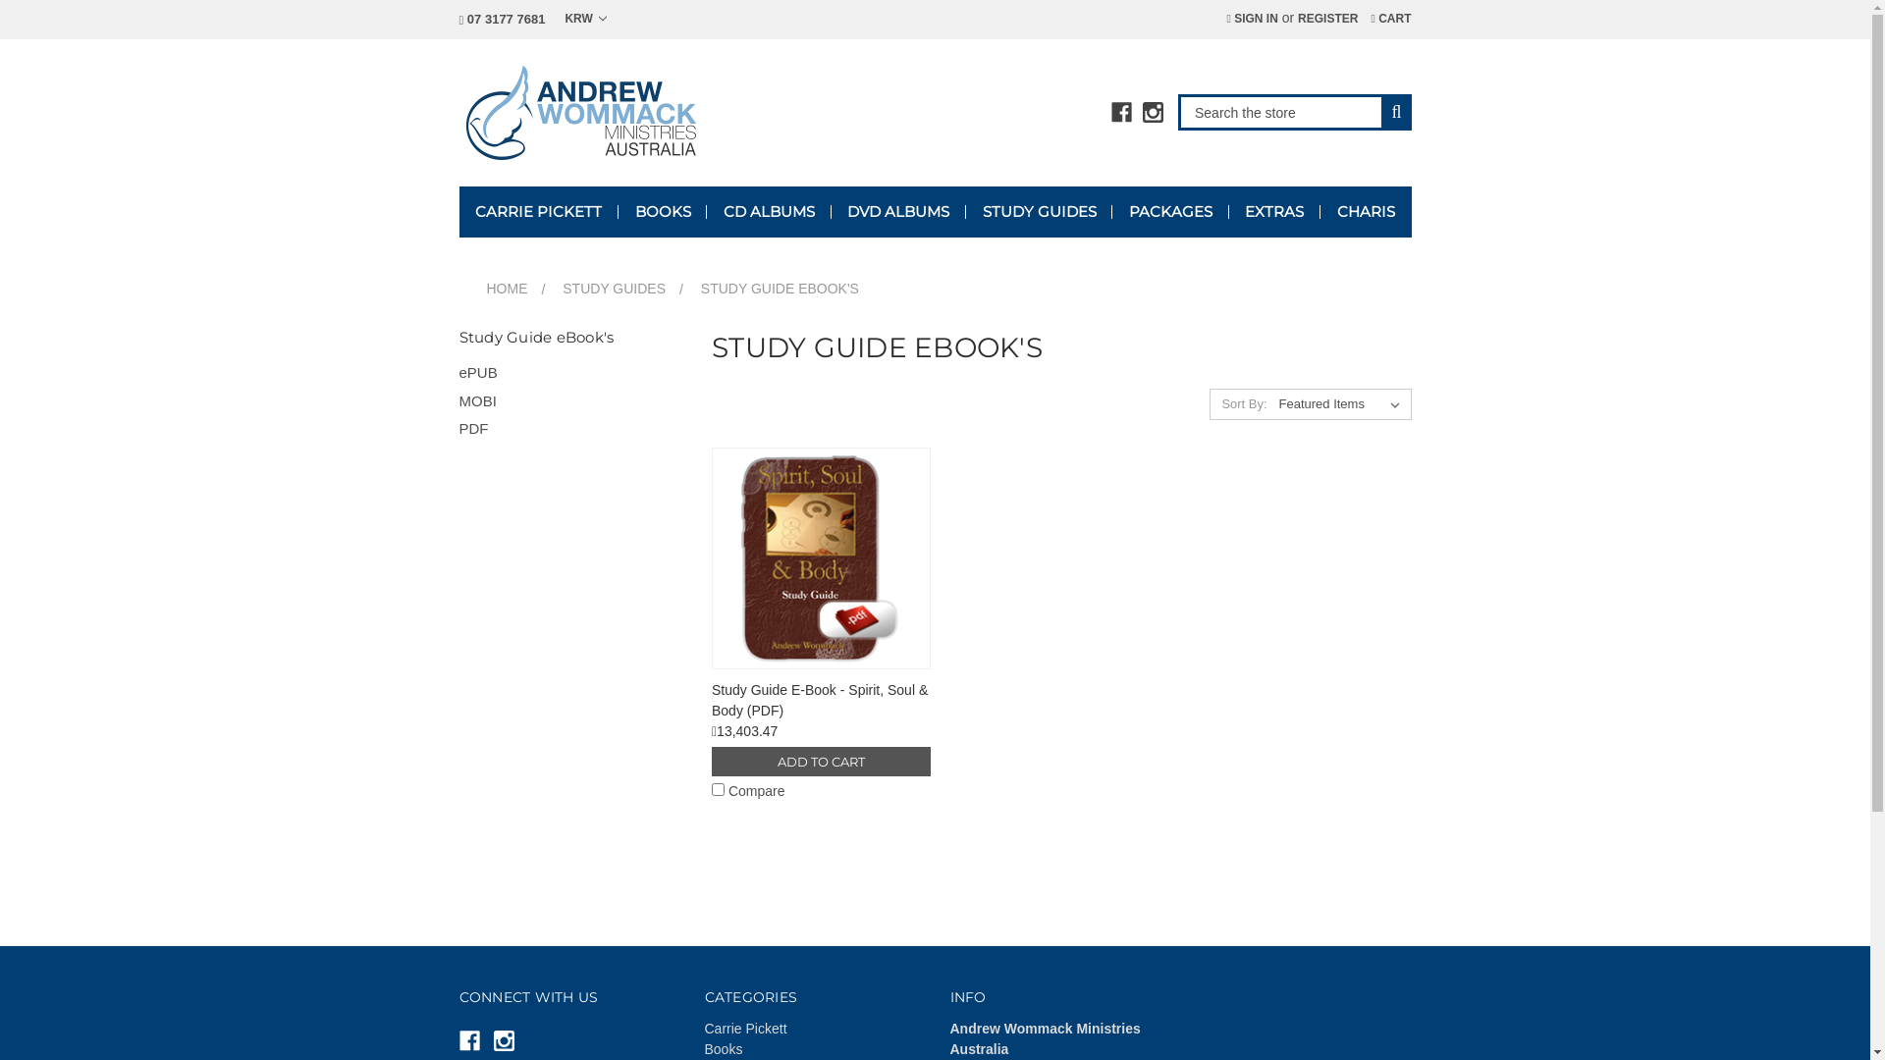  What do you see at coordinates (569, 428) in the screenshot?
I see `'PDF'` at bounding box center [569, 428].